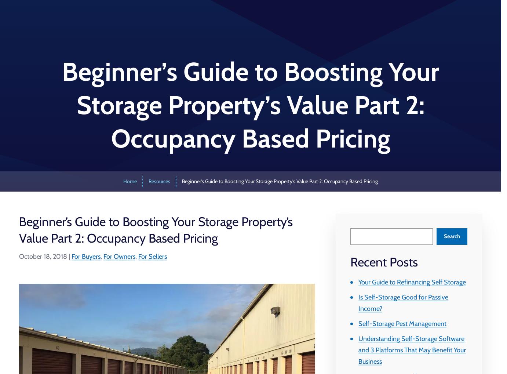  I want to click on 'Investor Relations', so click(331, 19).